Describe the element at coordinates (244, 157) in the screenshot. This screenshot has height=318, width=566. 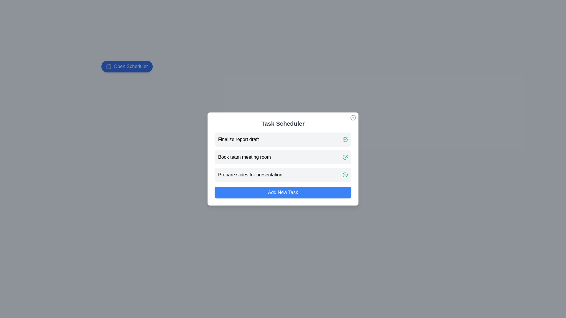
I see `the text label that indicates booking a team meeting room, which is the second task in the vertically aligned group within the task scheduler interface` at that location.